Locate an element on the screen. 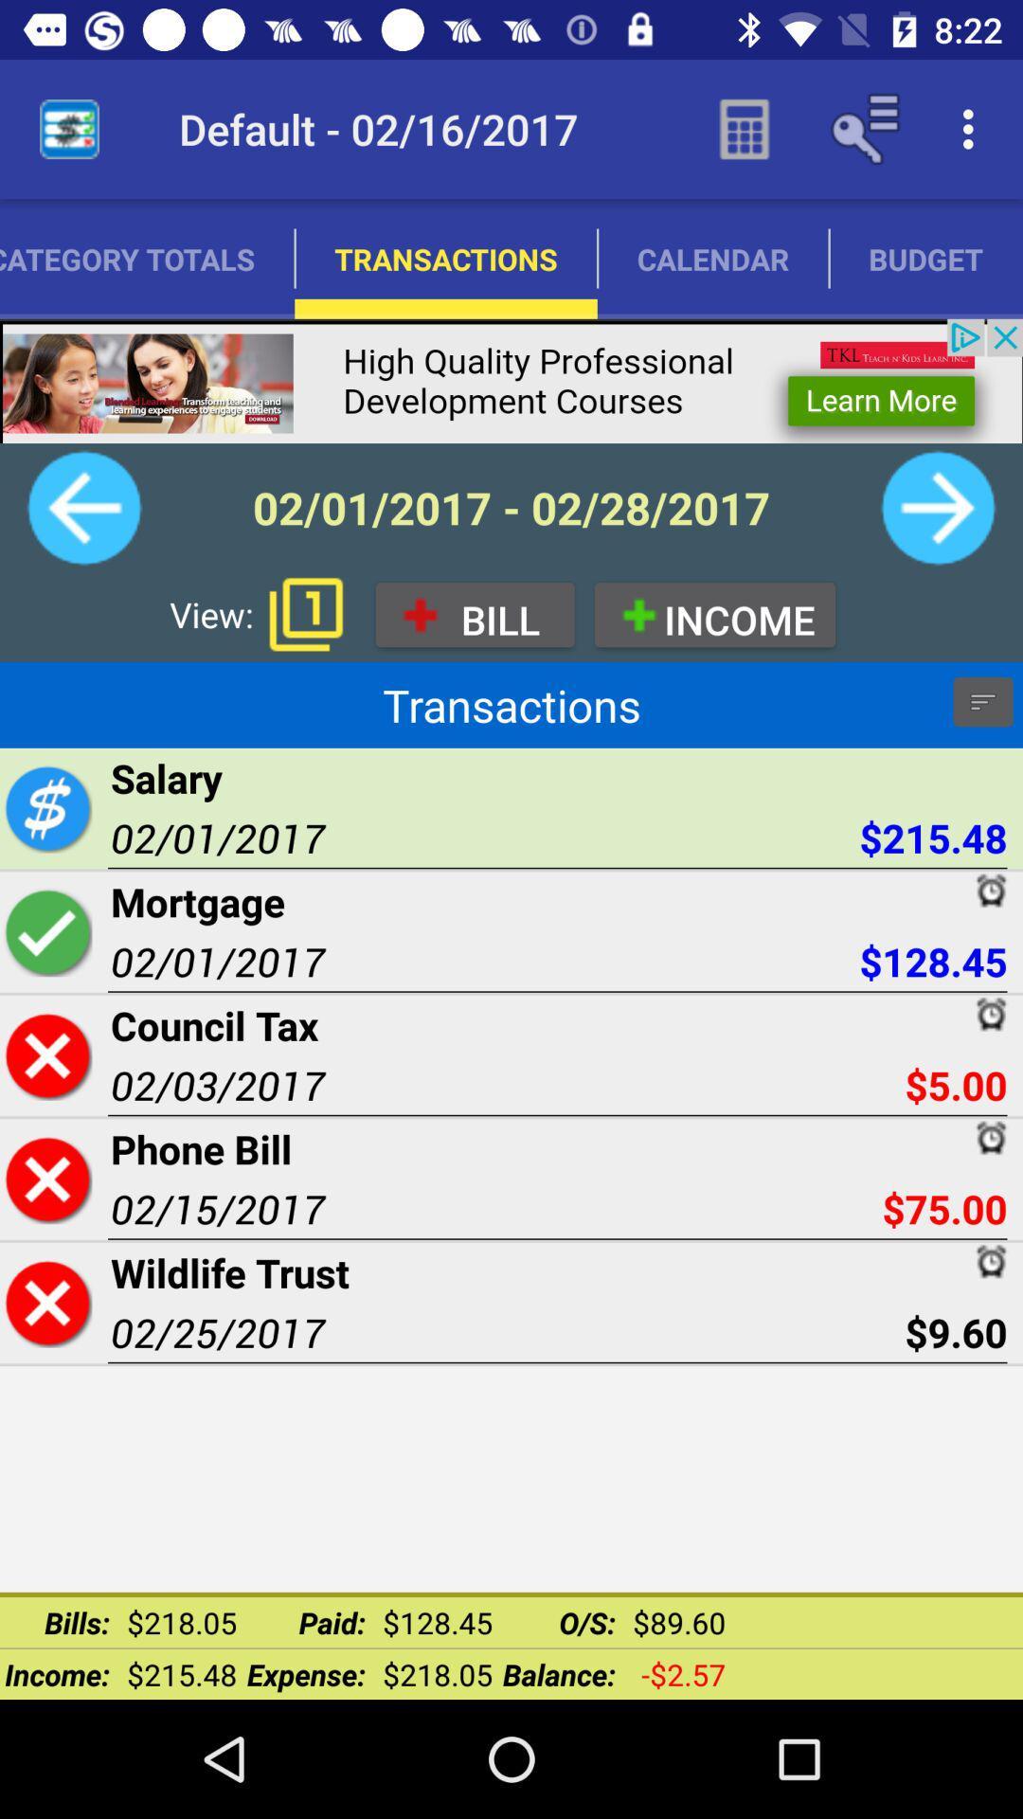 This screenshot has height=1819, width=1023. settings is located at coordinates (981, 700).